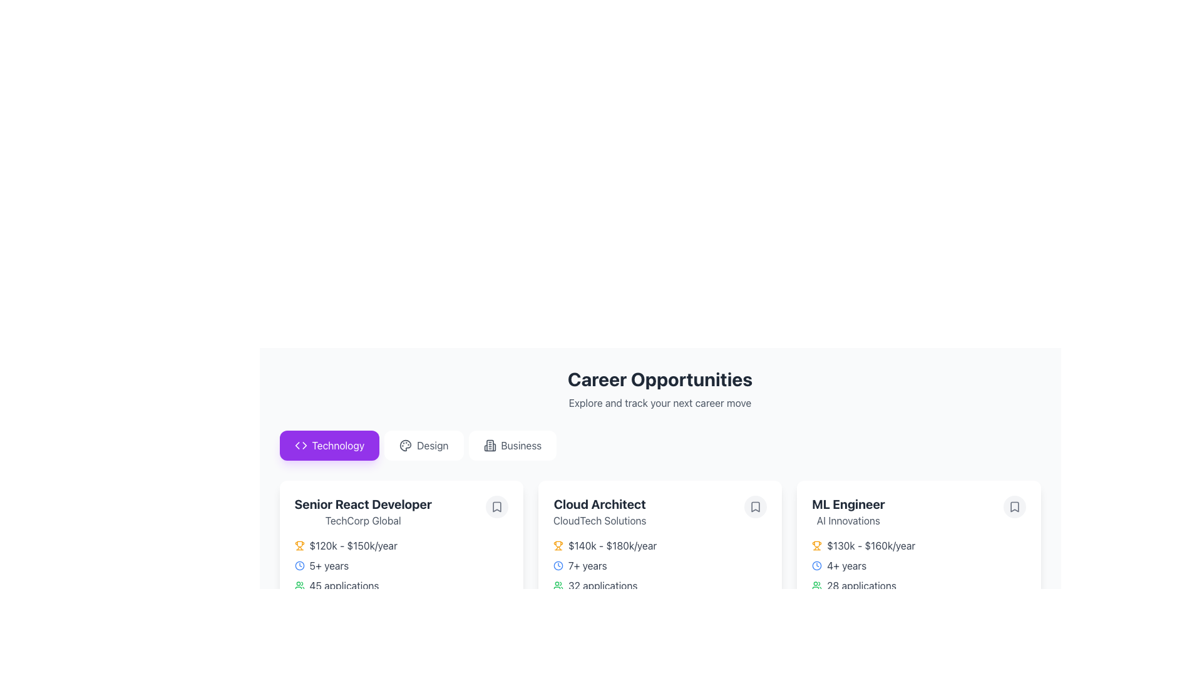 This screenshot has width=1202, height=676. What do you see at coordinates (496, 507) in the screenshot?
I see `the bookmark icon located at the top-right corner of the 'Cloud Architect' job listing card` at bounding box center [496, 507].